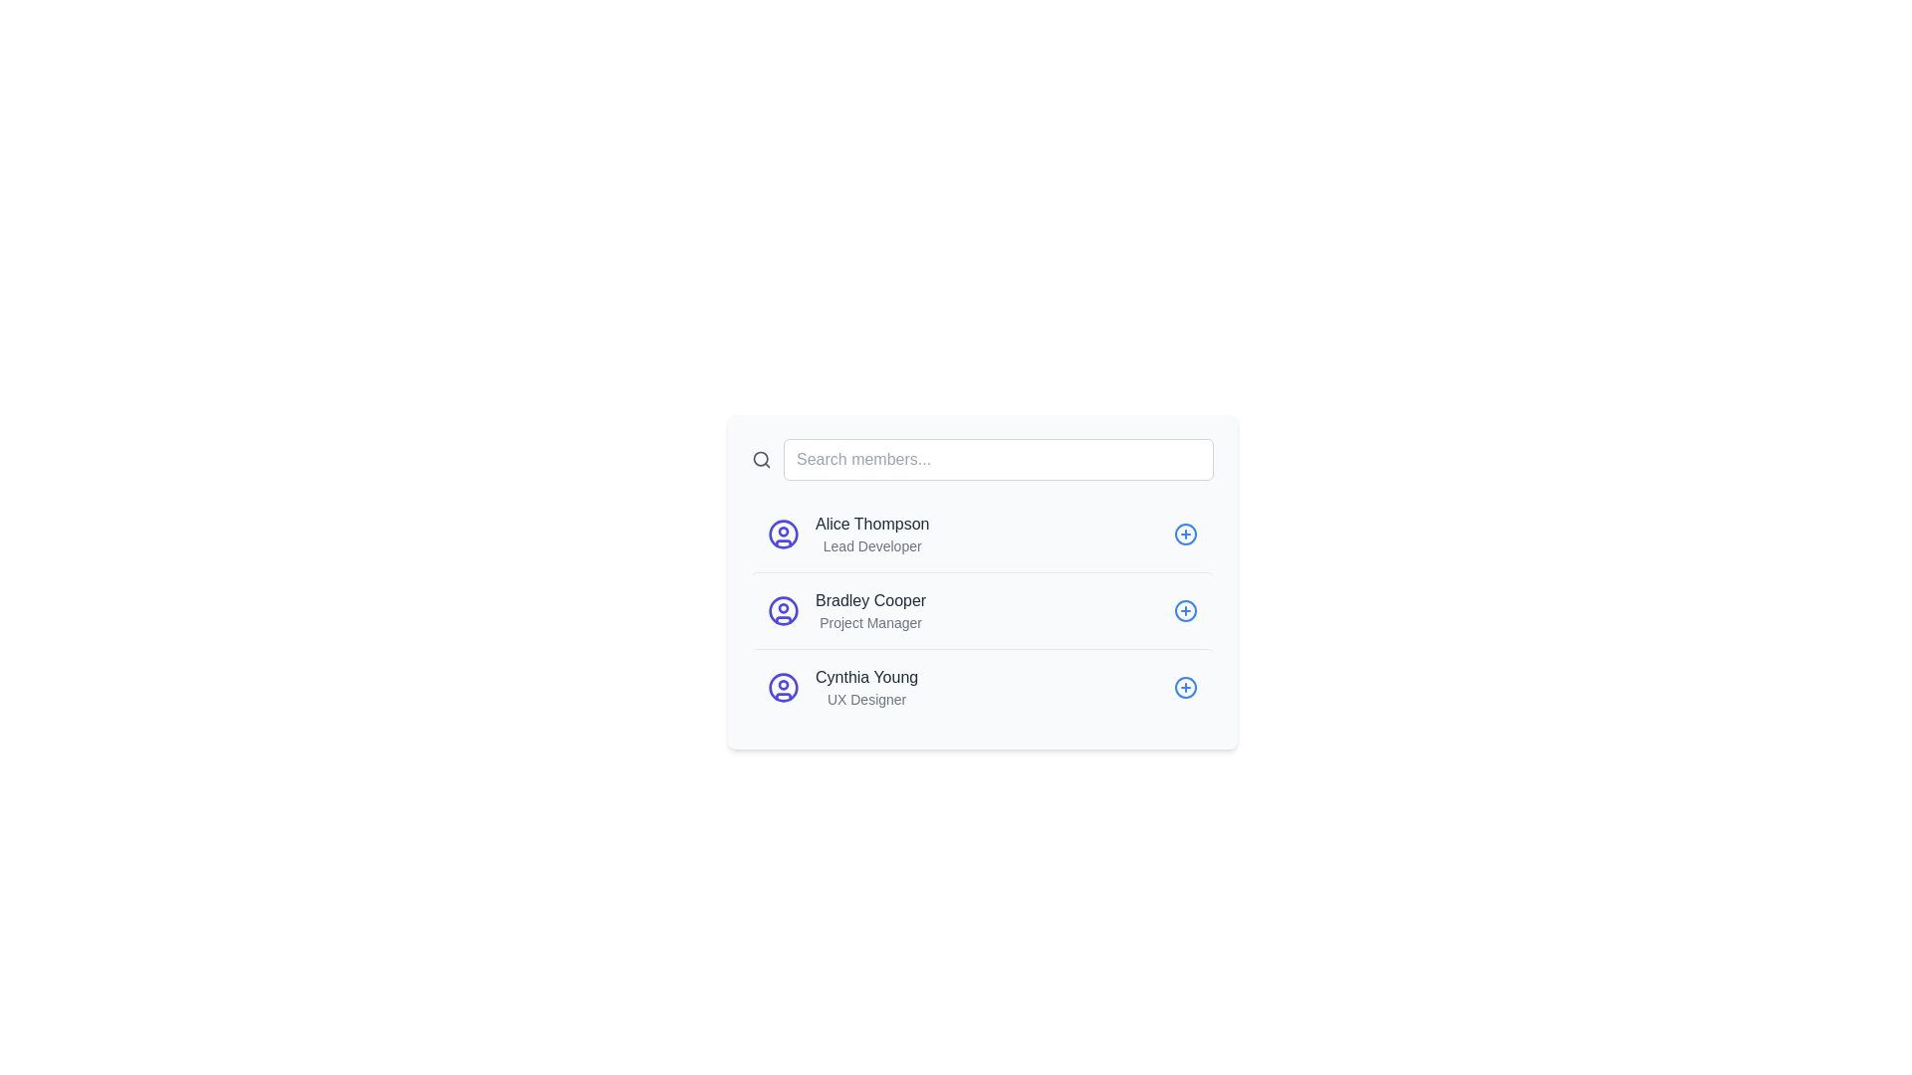  I want to click on the SVG icon representing the user avatar for Cynthia Young, which is located to the left of the text block displaying her name and title, so click(783, 686).